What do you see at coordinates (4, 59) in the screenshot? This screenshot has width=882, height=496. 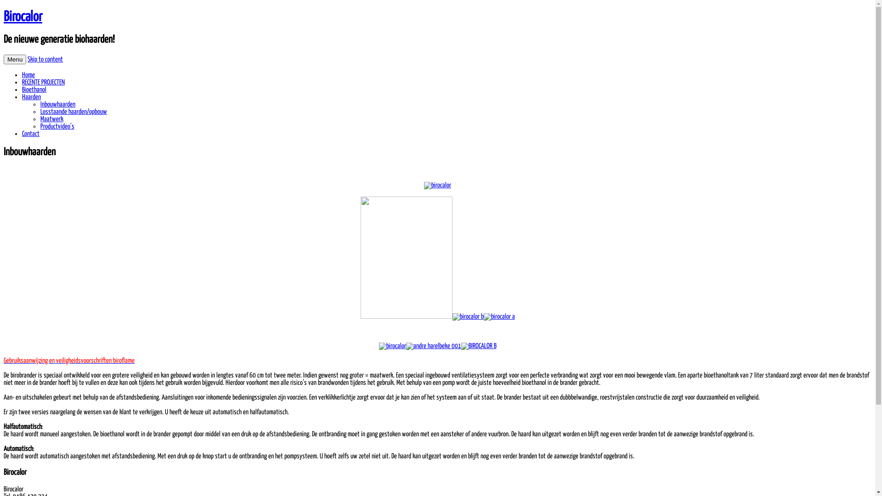 I see `'Menu'` at bounding box center [4, 59].